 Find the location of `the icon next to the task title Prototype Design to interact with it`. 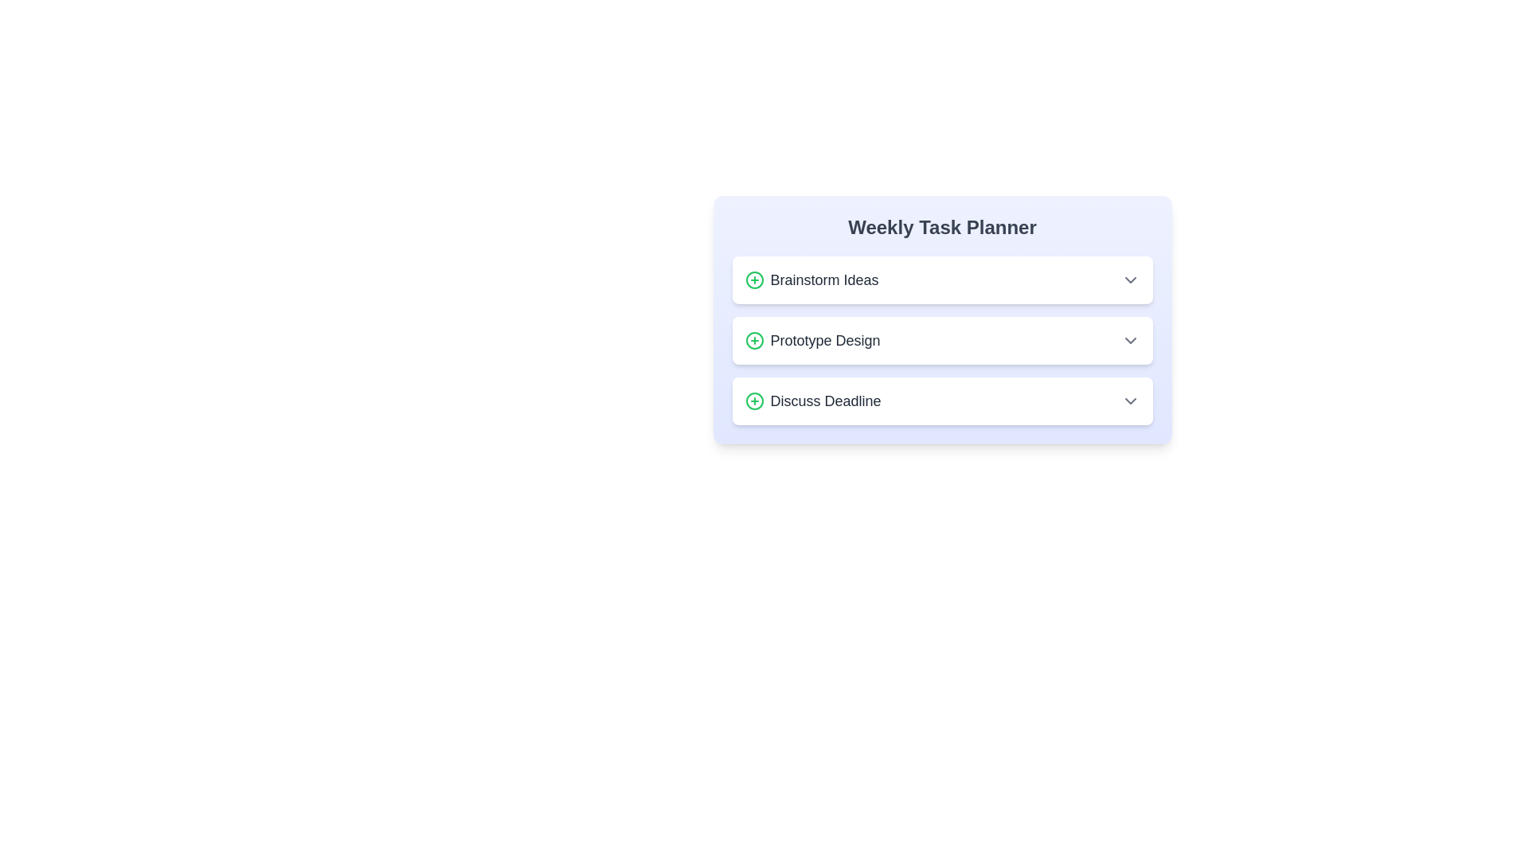

the icon next to the task title Prototype Design to interact with it is located at coordinates (753, 340).